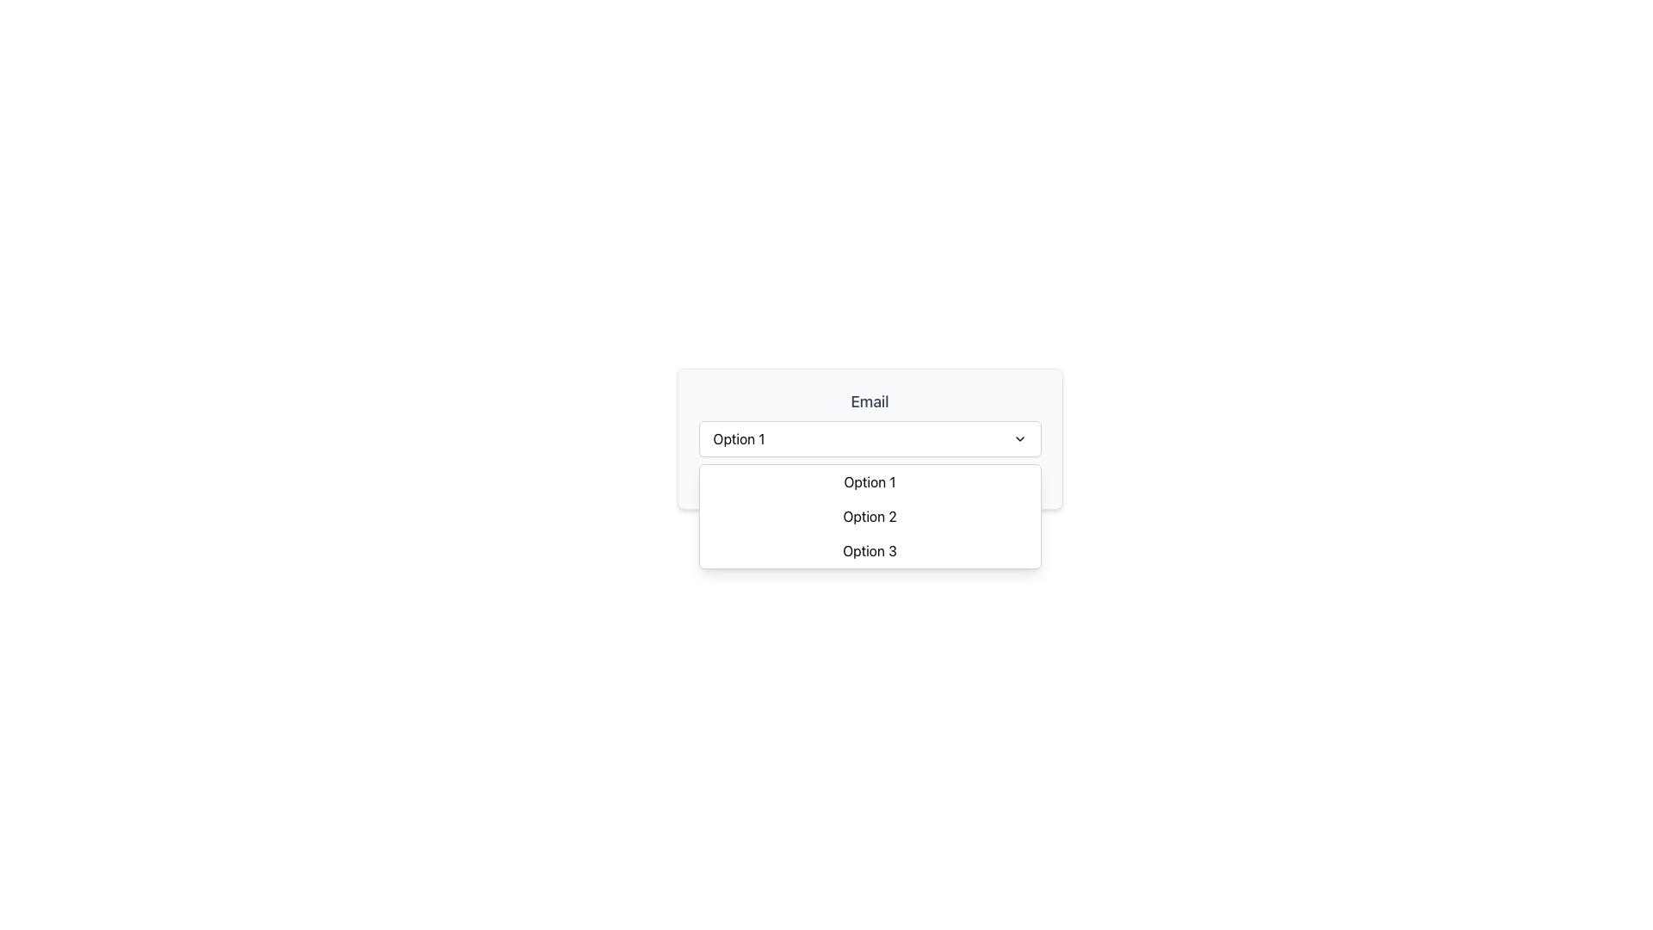 This screenshot has width=1653, height=930. What do you see at coordinates (870, 551) in the screenshot?
I see `the third option in the dropdown list labeled 'Option 3'` at bounding box center [870, 551].